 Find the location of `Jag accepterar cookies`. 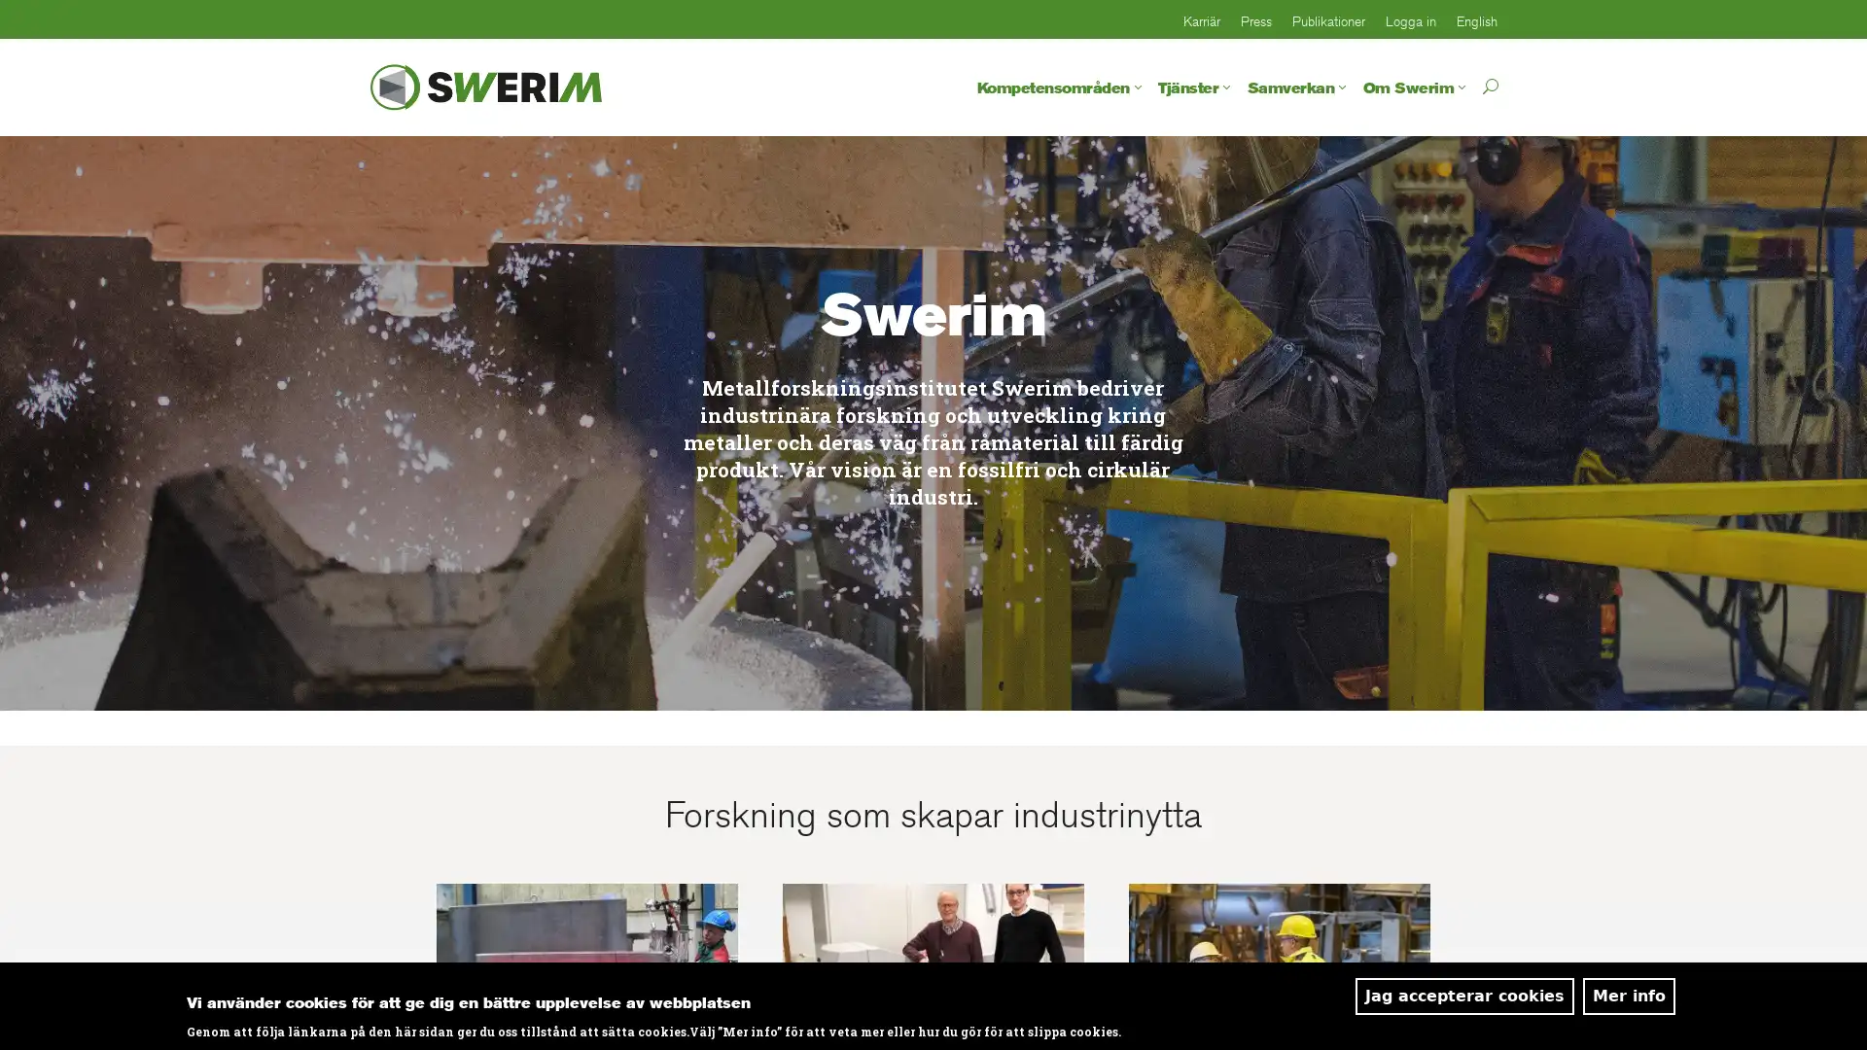

Jag accepterar cookies is located at coordinates (1464, 995).